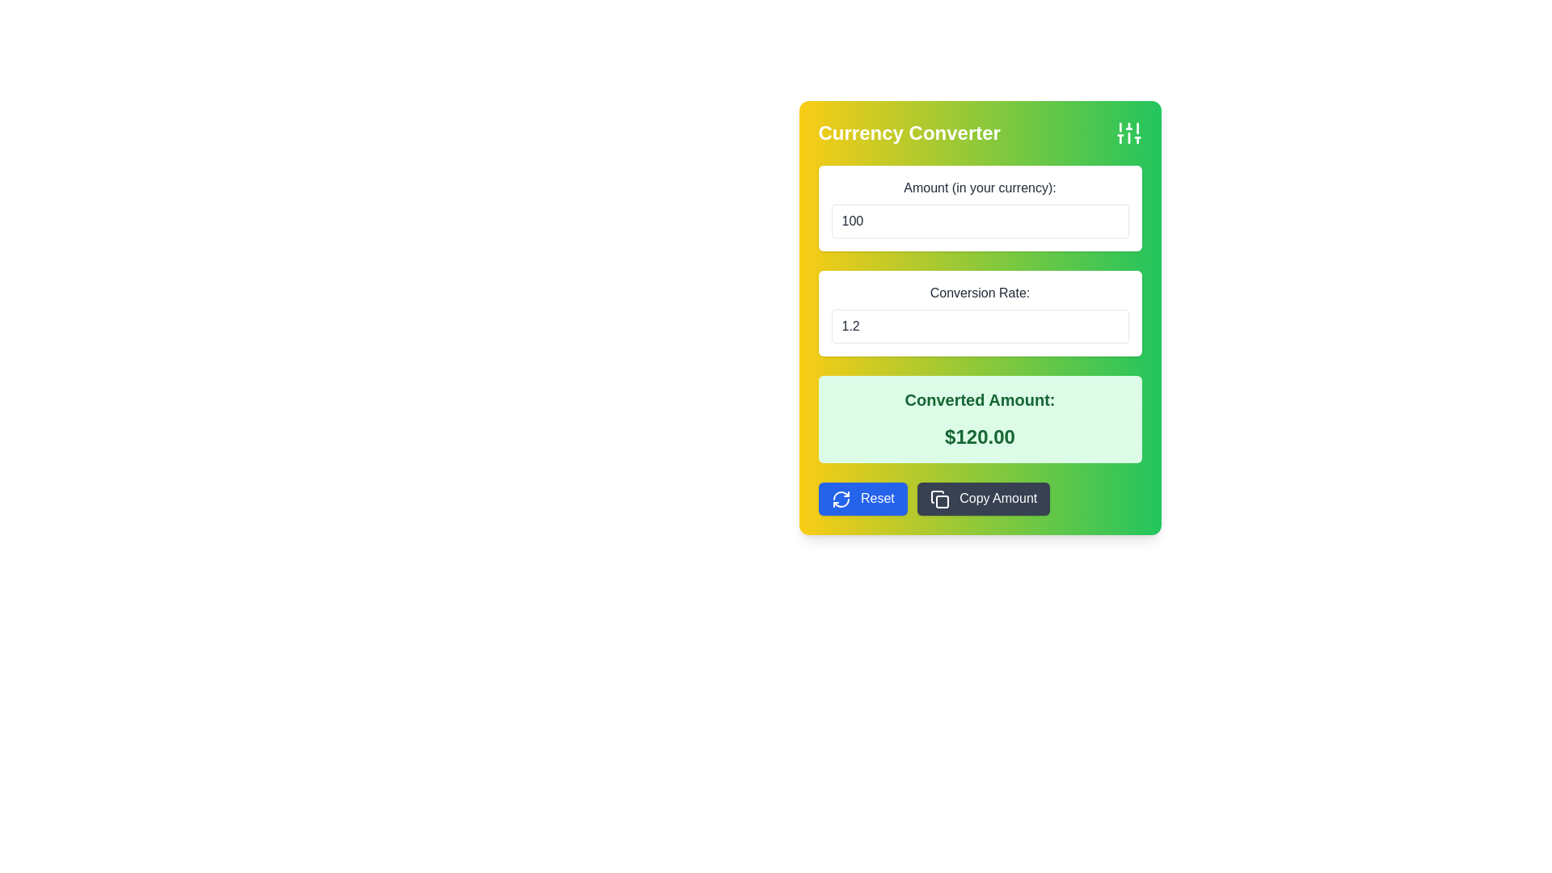 This screenshot has height=873, width=1552. What do you see at coordinates (983, 498) in the screenshot?
I see `the second button in the 'Currency Converter' panel` at bounding box center [983, 498].